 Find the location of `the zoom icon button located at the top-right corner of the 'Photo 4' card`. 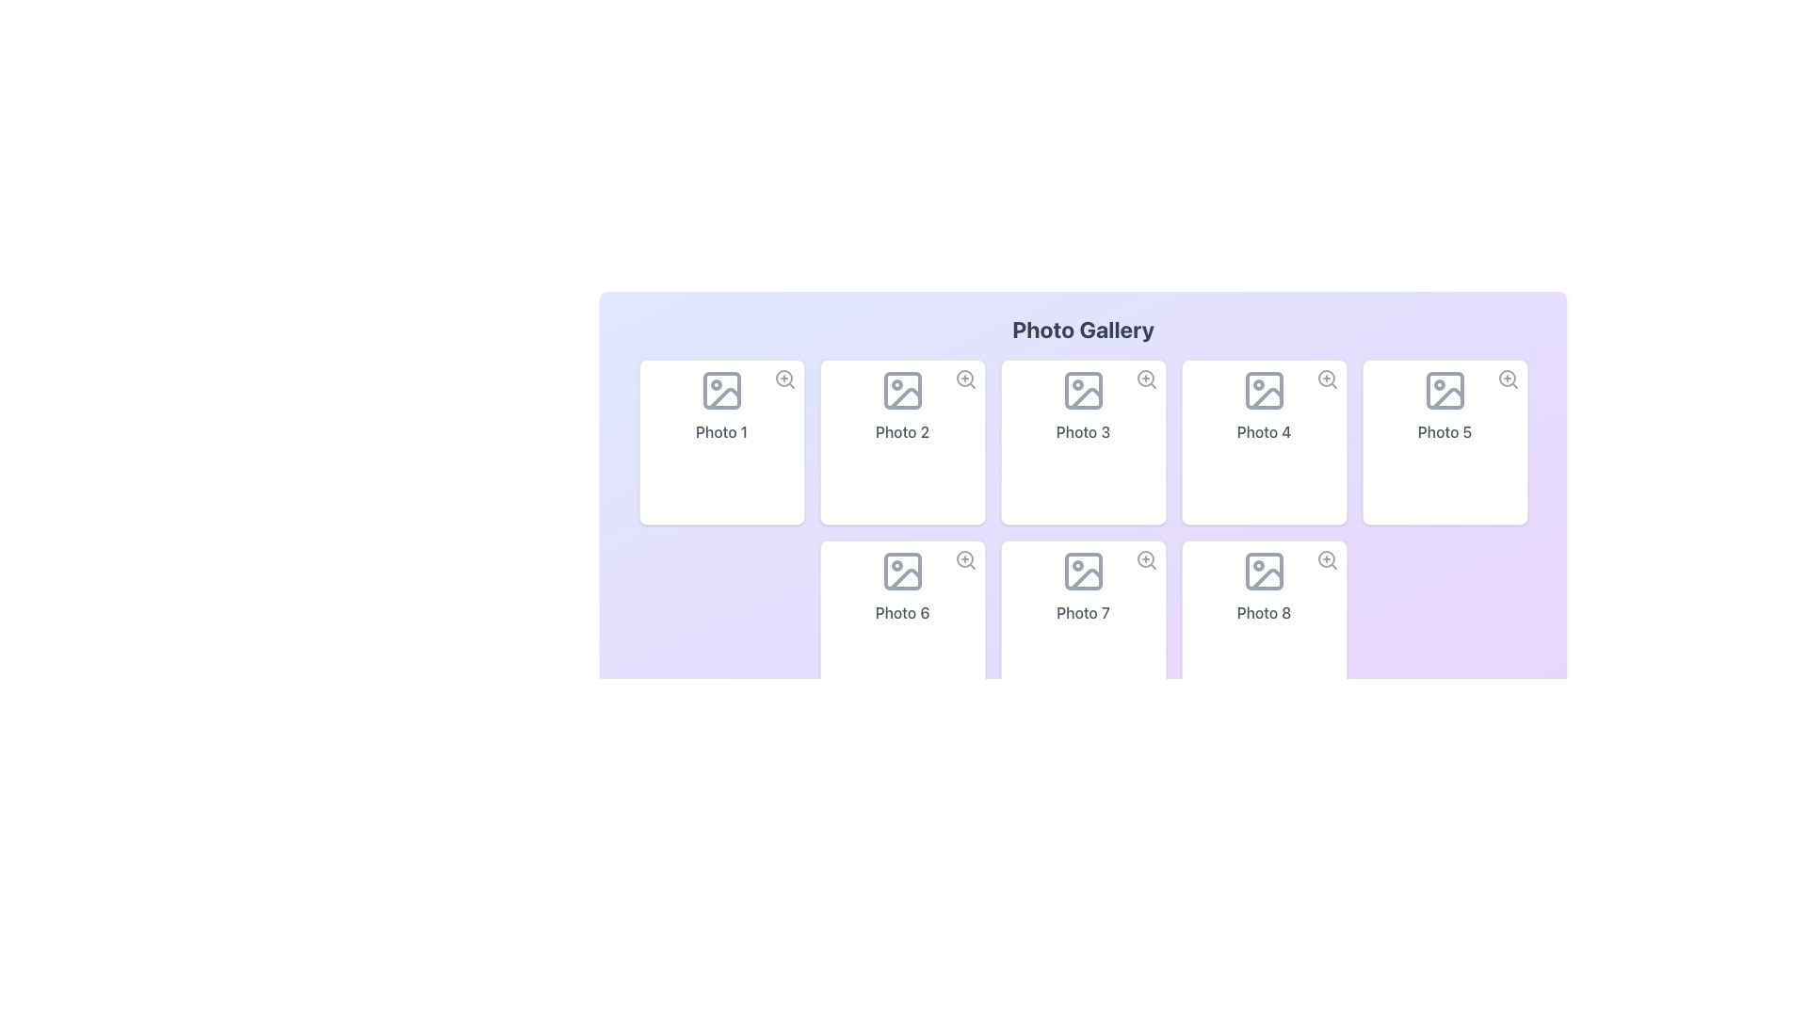

the zoom icon button located at the top-right corner of the 'Photo 4' card is located at coordinates (1326, 379).